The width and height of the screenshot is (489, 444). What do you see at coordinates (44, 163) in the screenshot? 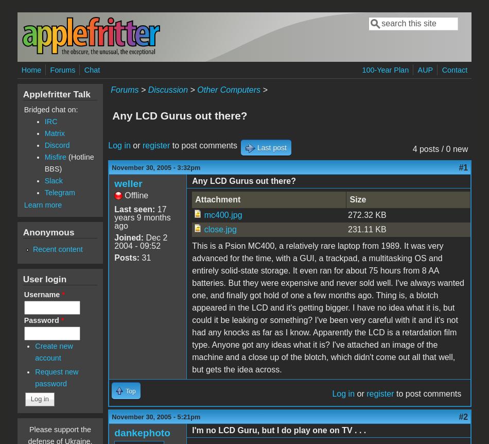
I see `'(Hotline BBS)'` at bounding box center [44, 163].